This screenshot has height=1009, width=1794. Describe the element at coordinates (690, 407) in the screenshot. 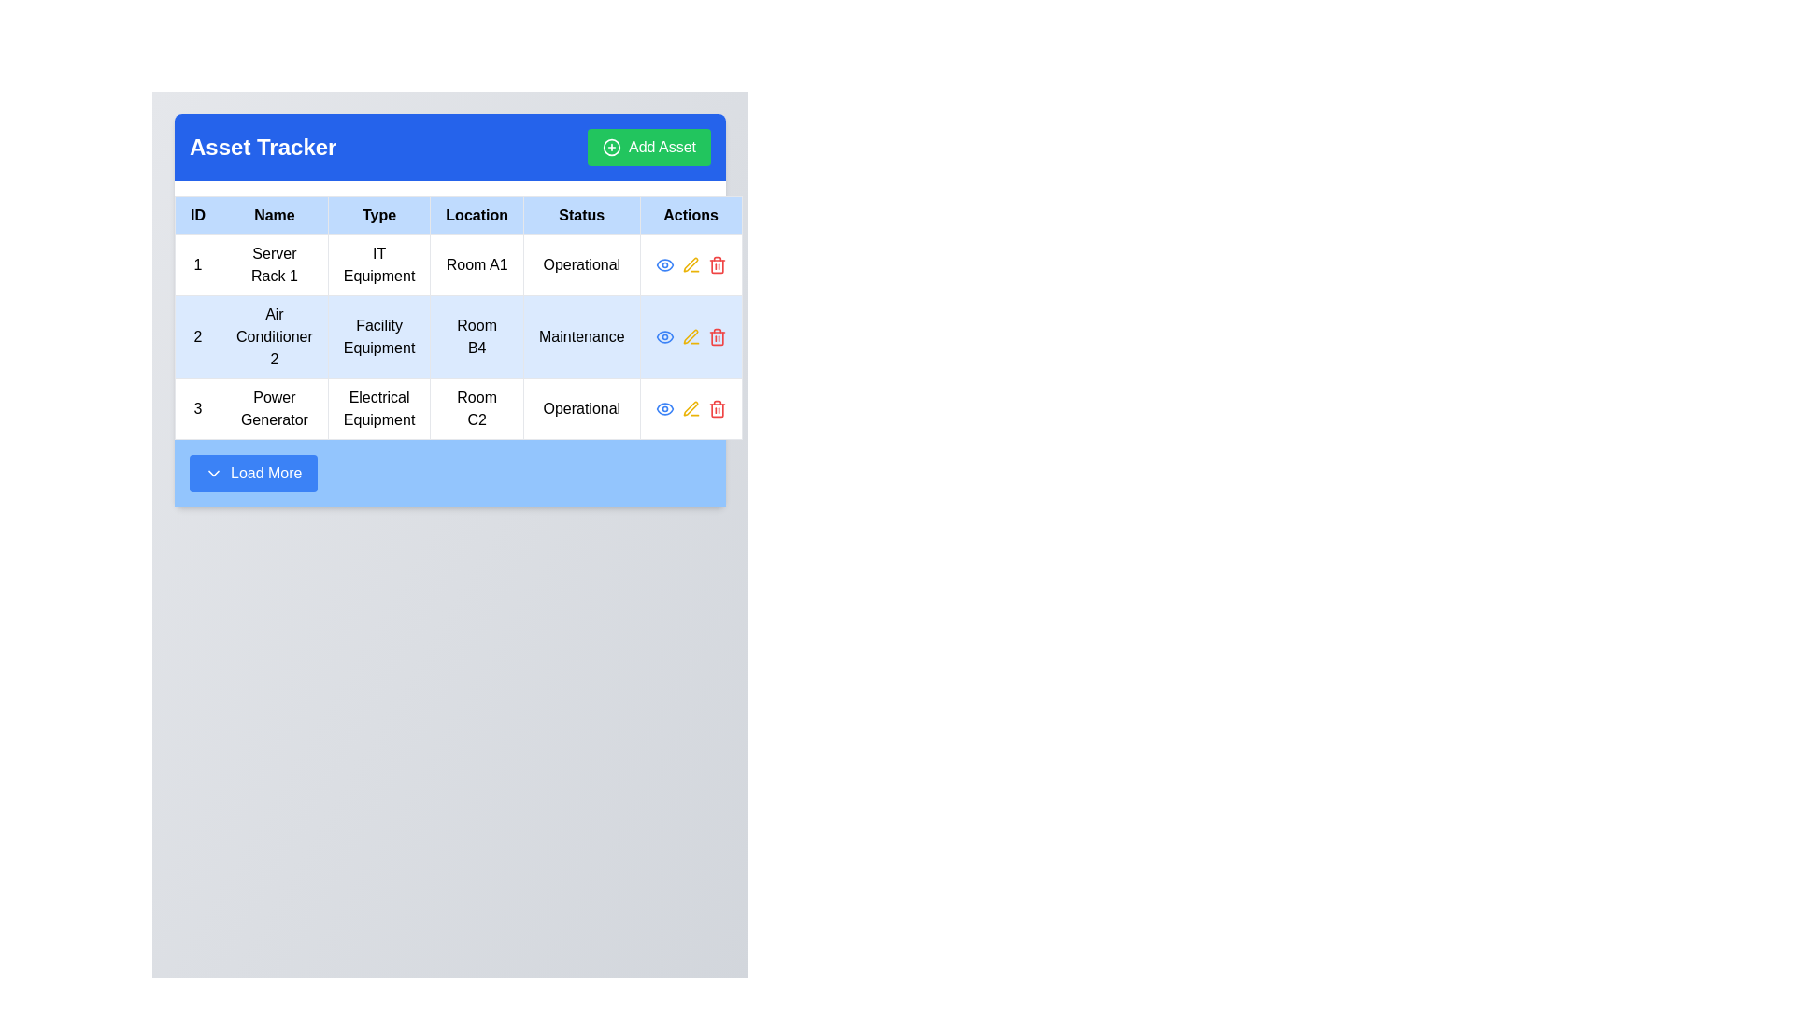

I see `the Pen Icon representing the 'Edit' function in the 'Actions' column for the 'Air Conditioner 2' entry` at that location.